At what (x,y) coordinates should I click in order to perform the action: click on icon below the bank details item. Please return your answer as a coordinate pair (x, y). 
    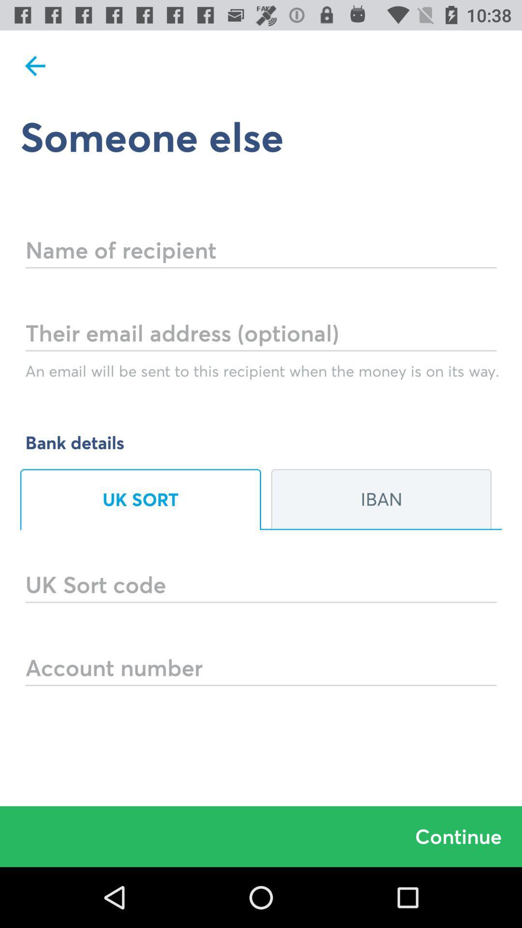
    Looking at the image, I should click on (140, 499).